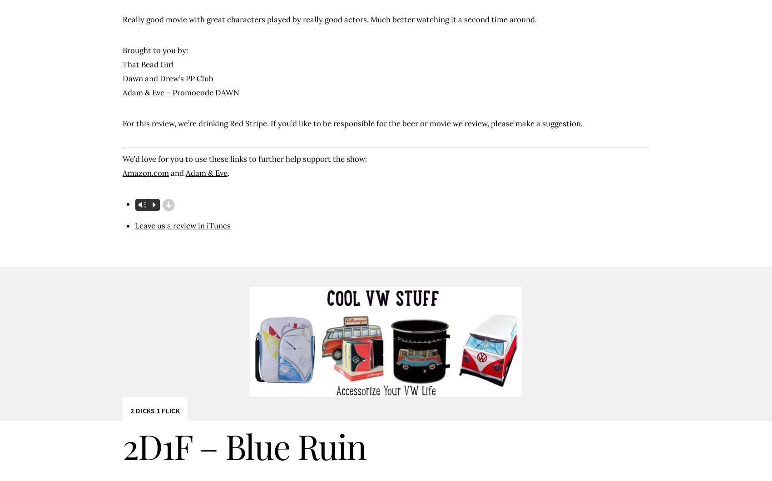 The height and width of the screenshot is (481, 772). What do you see at coordinates (148, 63) in the screenshot?
I see `'That Bead Girl'` at bounding box center [148, 63].